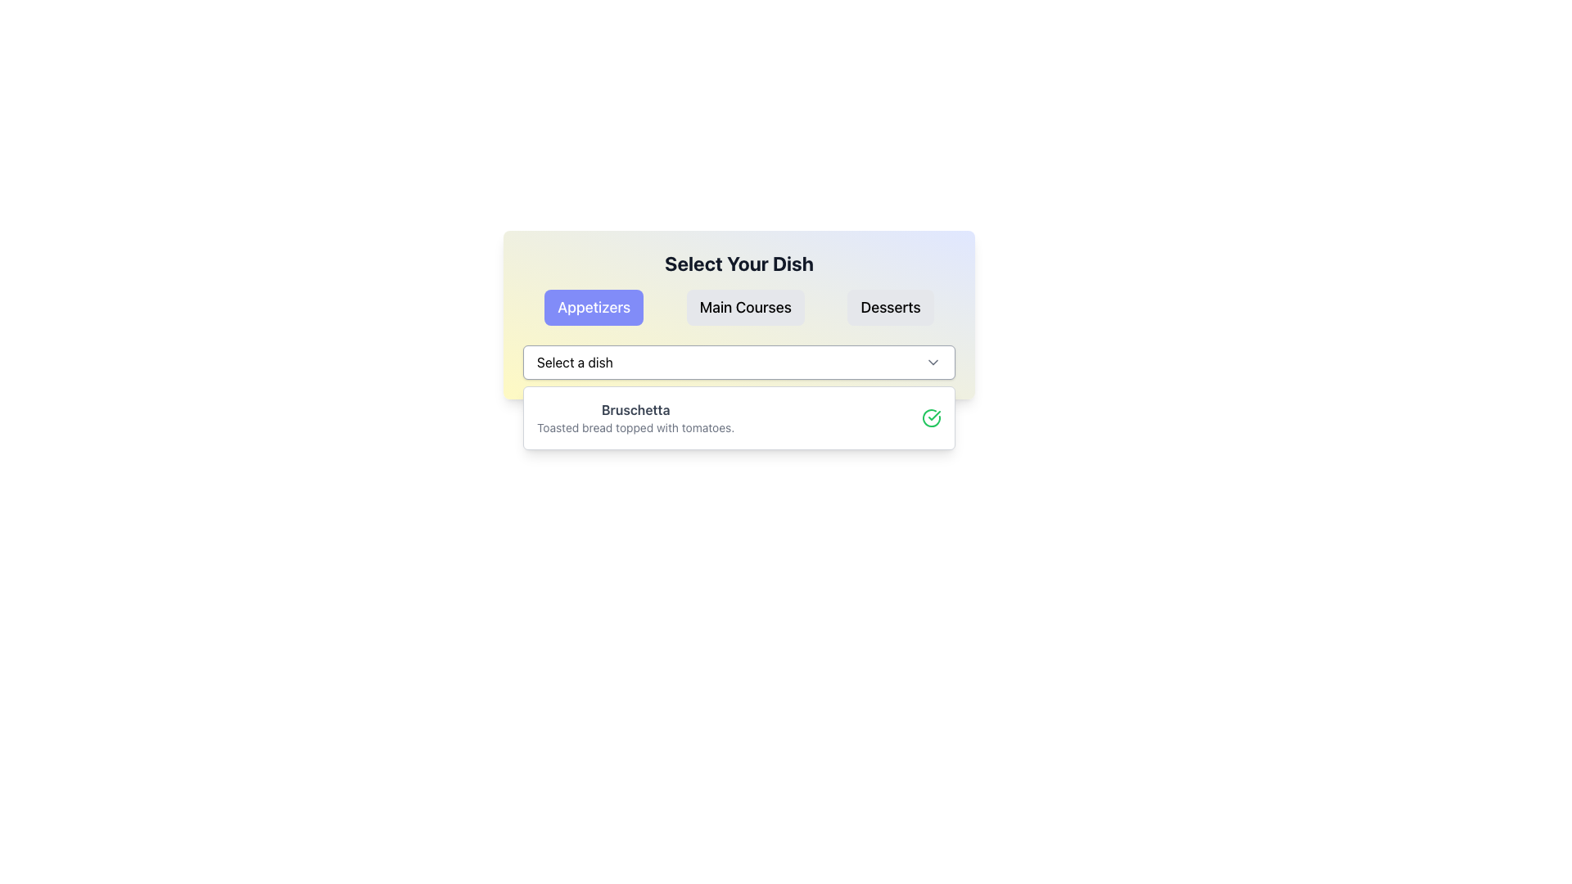 Image resolution: width=1572 pixels, height=884 pixels. I want to click on the button in the central menu section, so click(738, 315).